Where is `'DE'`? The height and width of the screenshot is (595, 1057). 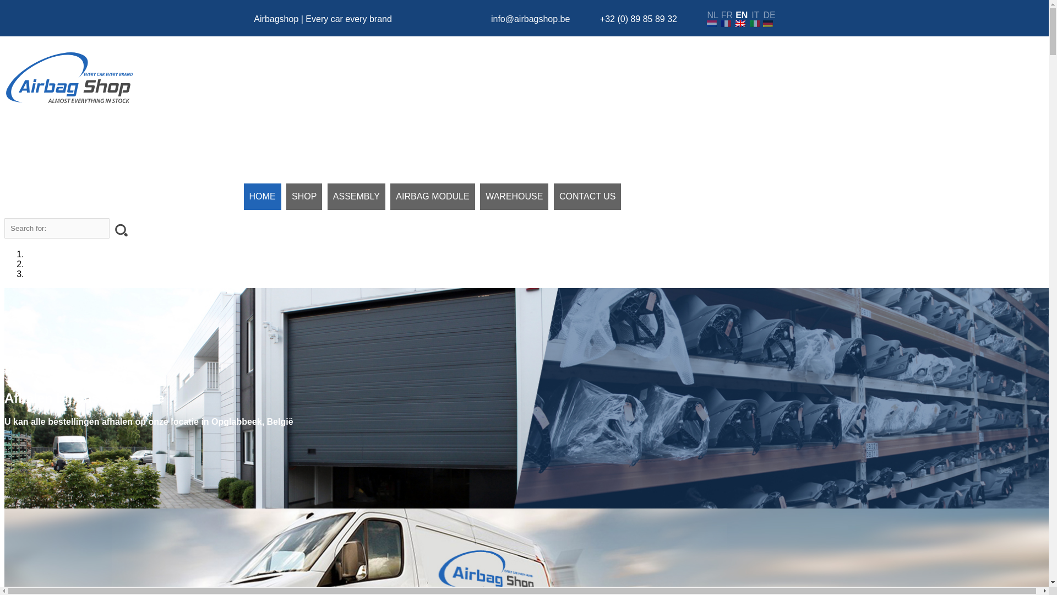
'DE' is located at coordinates (768, 19).